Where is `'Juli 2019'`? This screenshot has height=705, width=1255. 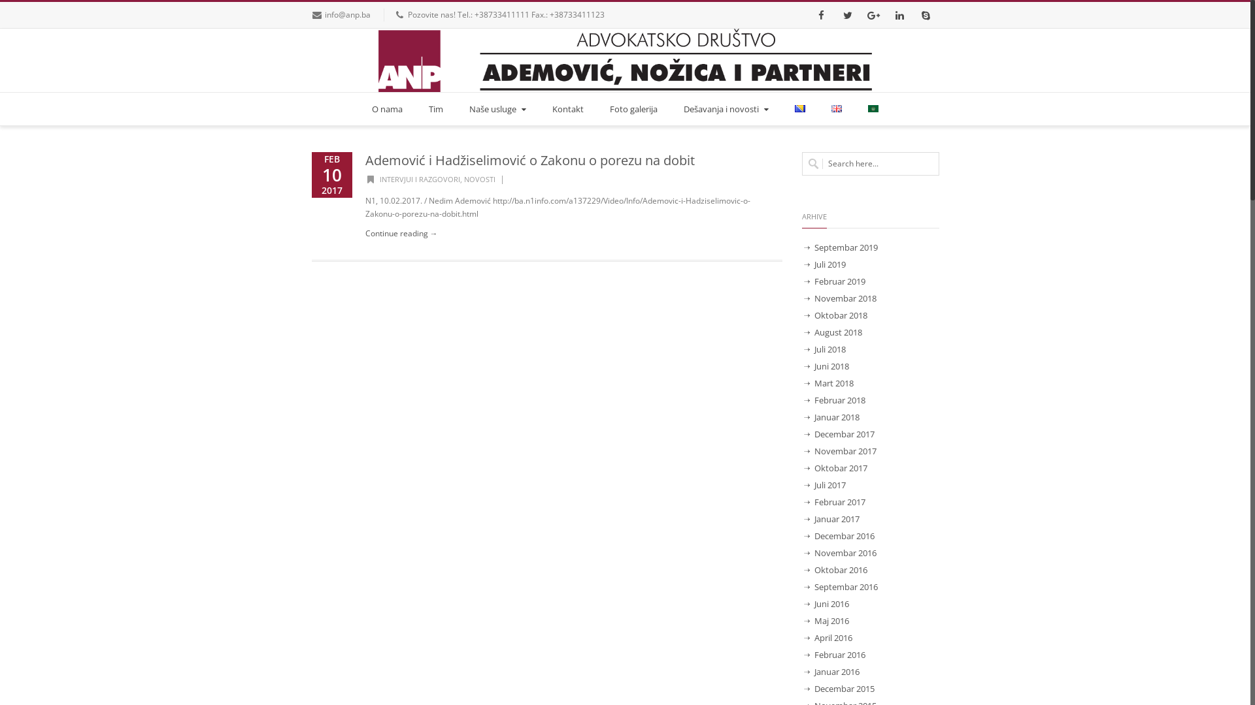 'Juli 2019' is located at coordinates (824, 264).